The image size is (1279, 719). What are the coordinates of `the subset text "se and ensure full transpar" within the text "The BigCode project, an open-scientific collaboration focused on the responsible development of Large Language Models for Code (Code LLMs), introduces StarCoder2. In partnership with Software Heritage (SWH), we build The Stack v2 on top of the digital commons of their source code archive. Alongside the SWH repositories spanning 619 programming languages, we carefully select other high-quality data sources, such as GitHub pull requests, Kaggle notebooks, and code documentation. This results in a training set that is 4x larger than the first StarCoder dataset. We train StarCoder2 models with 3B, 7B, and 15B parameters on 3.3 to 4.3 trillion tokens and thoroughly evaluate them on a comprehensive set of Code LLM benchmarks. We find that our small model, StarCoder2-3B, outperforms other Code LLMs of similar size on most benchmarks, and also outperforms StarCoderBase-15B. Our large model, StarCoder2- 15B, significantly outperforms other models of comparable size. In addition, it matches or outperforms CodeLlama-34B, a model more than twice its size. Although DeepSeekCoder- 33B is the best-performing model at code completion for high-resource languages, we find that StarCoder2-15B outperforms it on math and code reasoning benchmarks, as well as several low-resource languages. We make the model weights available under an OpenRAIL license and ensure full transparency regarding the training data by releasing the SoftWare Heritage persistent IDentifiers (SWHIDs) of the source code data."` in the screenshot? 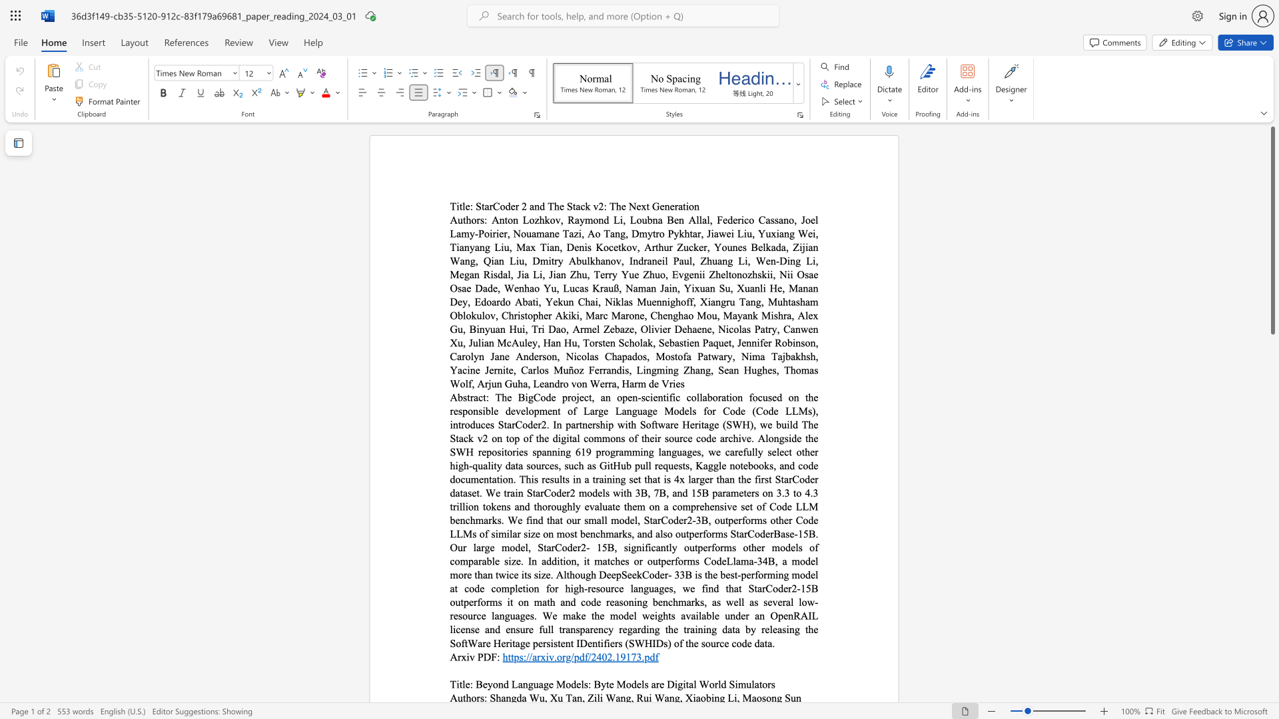 It's located at (470, 629).